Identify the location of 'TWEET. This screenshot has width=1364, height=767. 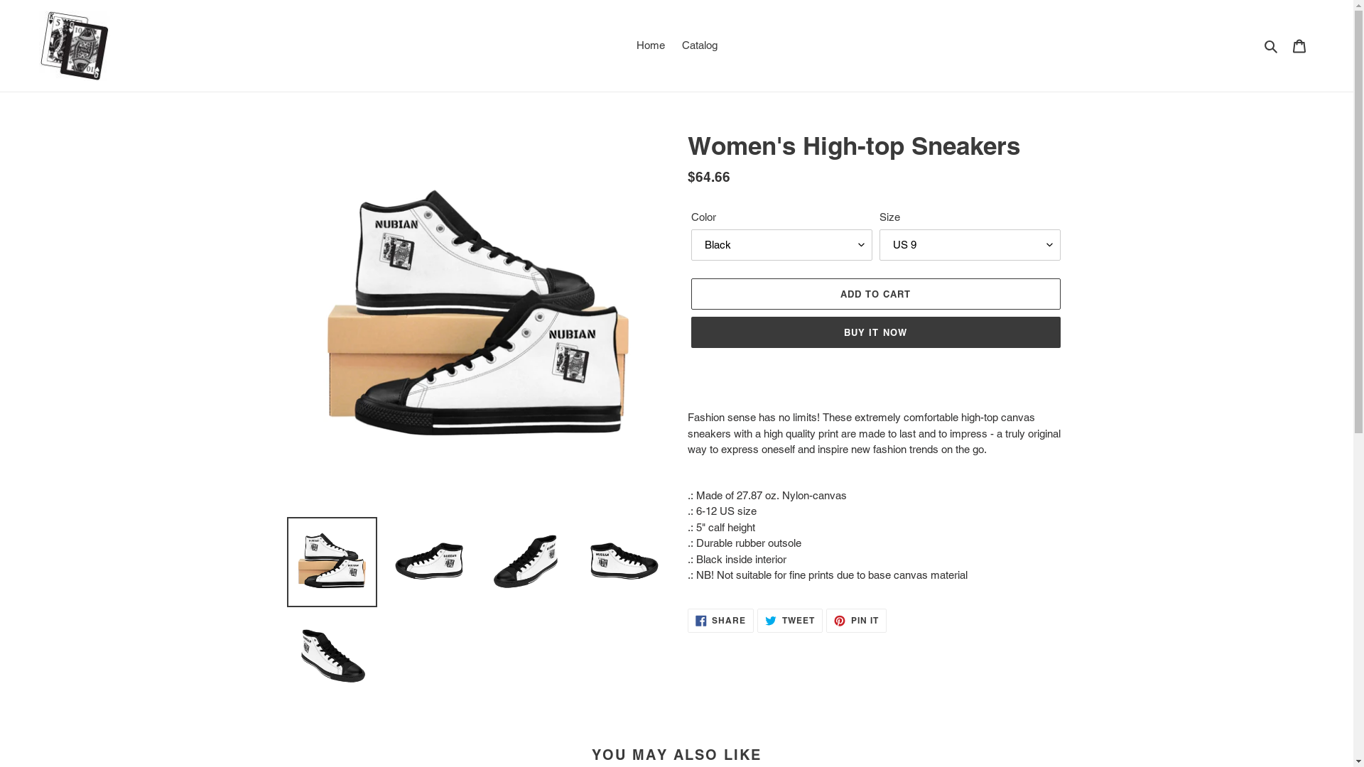
(789, 620).